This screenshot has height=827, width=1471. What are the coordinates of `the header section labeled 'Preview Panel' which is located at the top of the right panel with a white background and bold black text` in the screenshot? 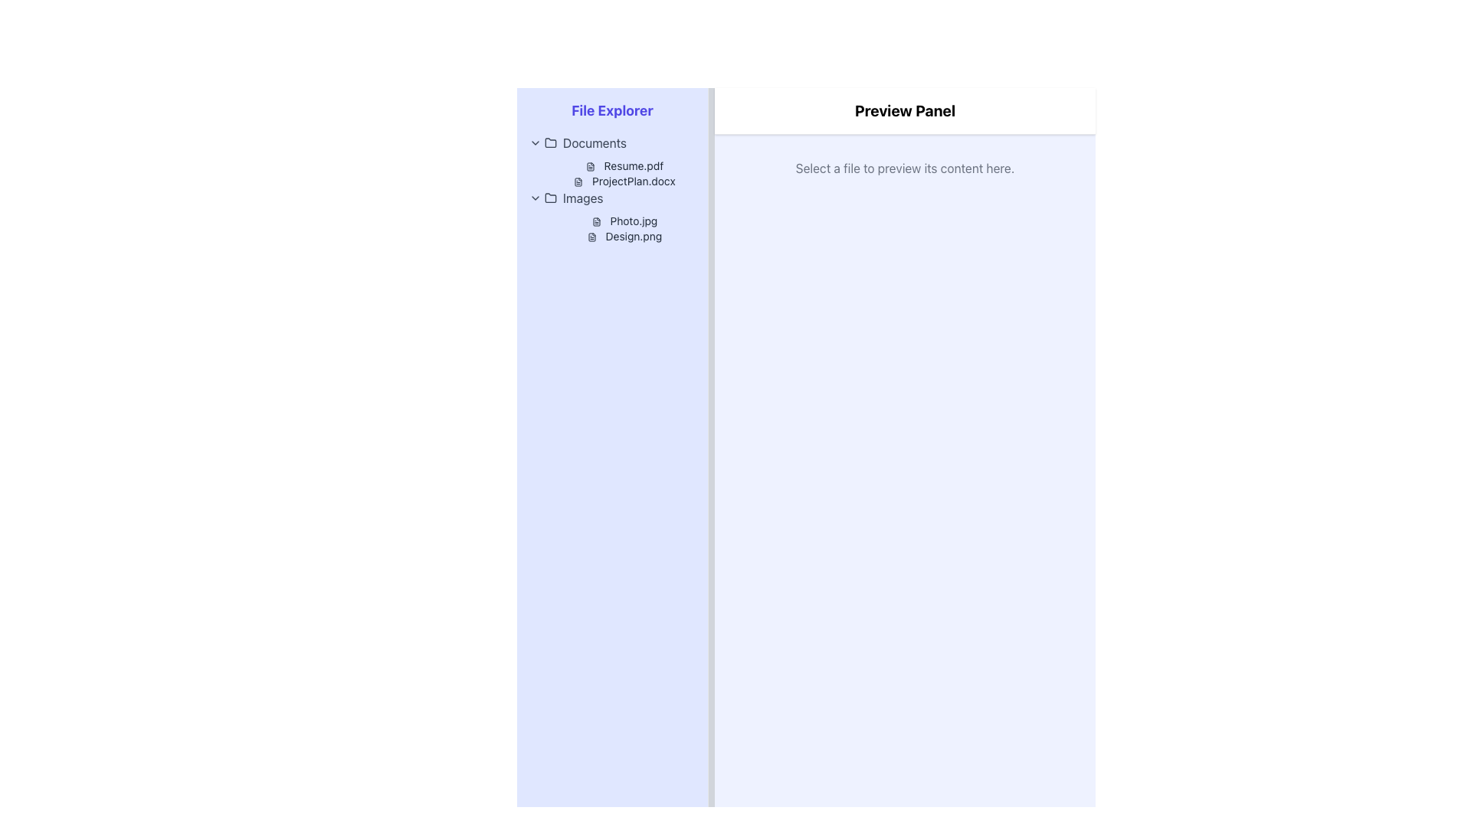 It's located at (905, 110).